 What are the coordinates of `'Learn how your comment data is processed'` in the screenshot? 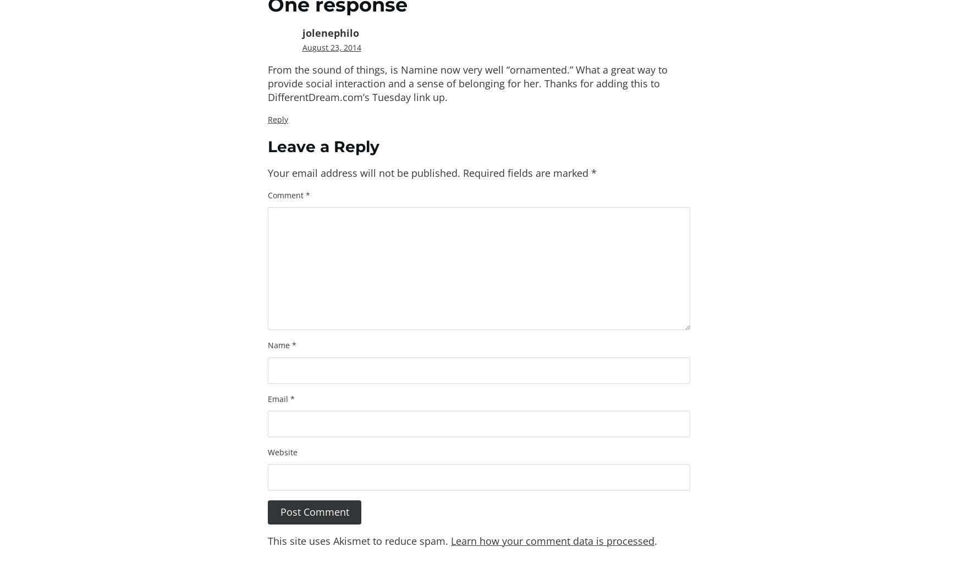 It's located at (552, 540).